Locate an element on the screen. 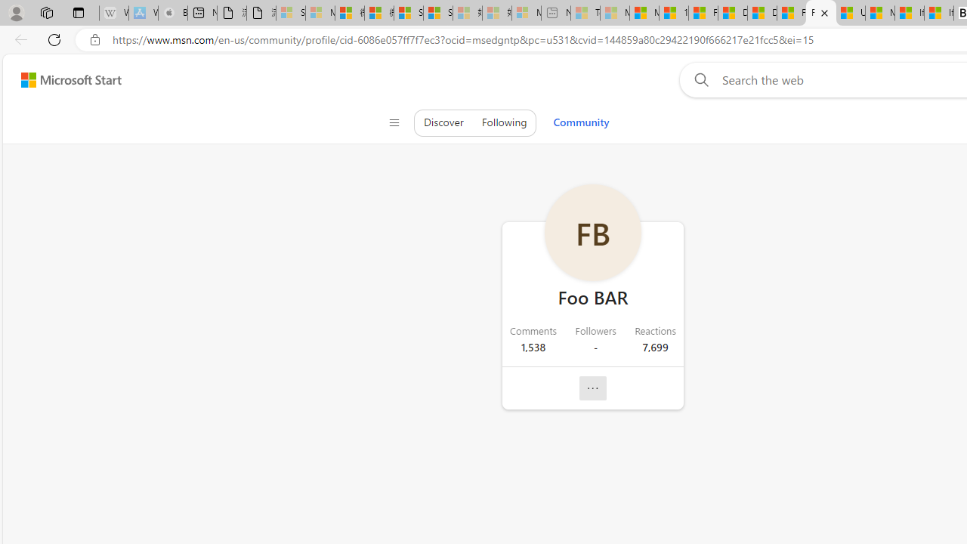 Image resolution: width=967 pixels, height=544 pixels. 'Sign in to your Microsoft account - Sleeping' is located at coordinates (291, 13).